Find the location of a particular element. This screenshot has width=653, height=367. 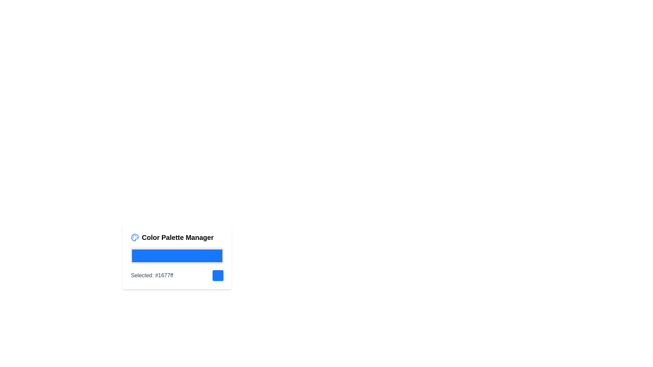

the rectangular color input field with rounded corners in the 'Color Palette Manager' is located at coordinates (177, 256).